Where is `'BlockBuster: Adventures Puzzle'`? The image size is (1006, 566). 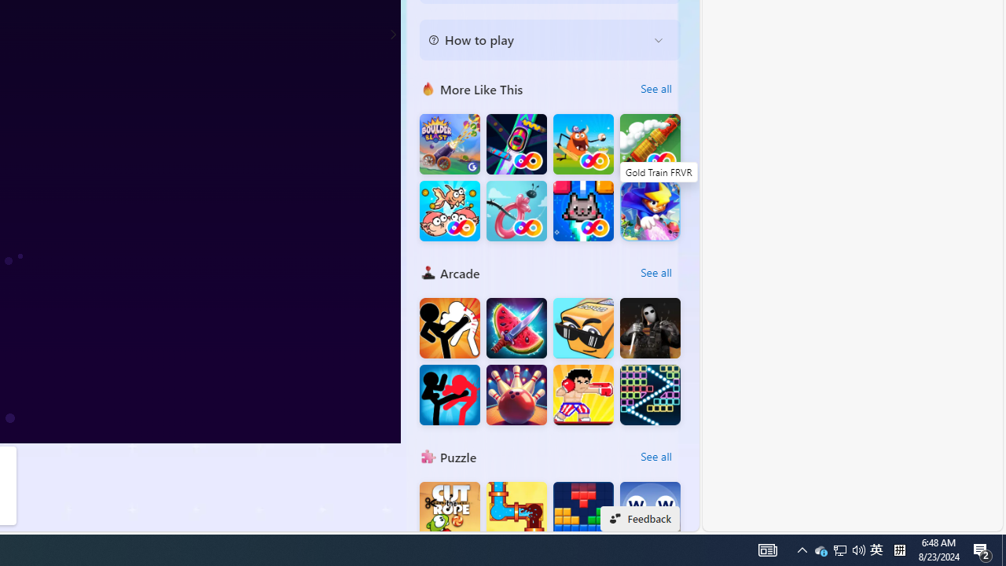
'BlockBuster: Adventures Puzzle' is located at coordinates (582, 512).